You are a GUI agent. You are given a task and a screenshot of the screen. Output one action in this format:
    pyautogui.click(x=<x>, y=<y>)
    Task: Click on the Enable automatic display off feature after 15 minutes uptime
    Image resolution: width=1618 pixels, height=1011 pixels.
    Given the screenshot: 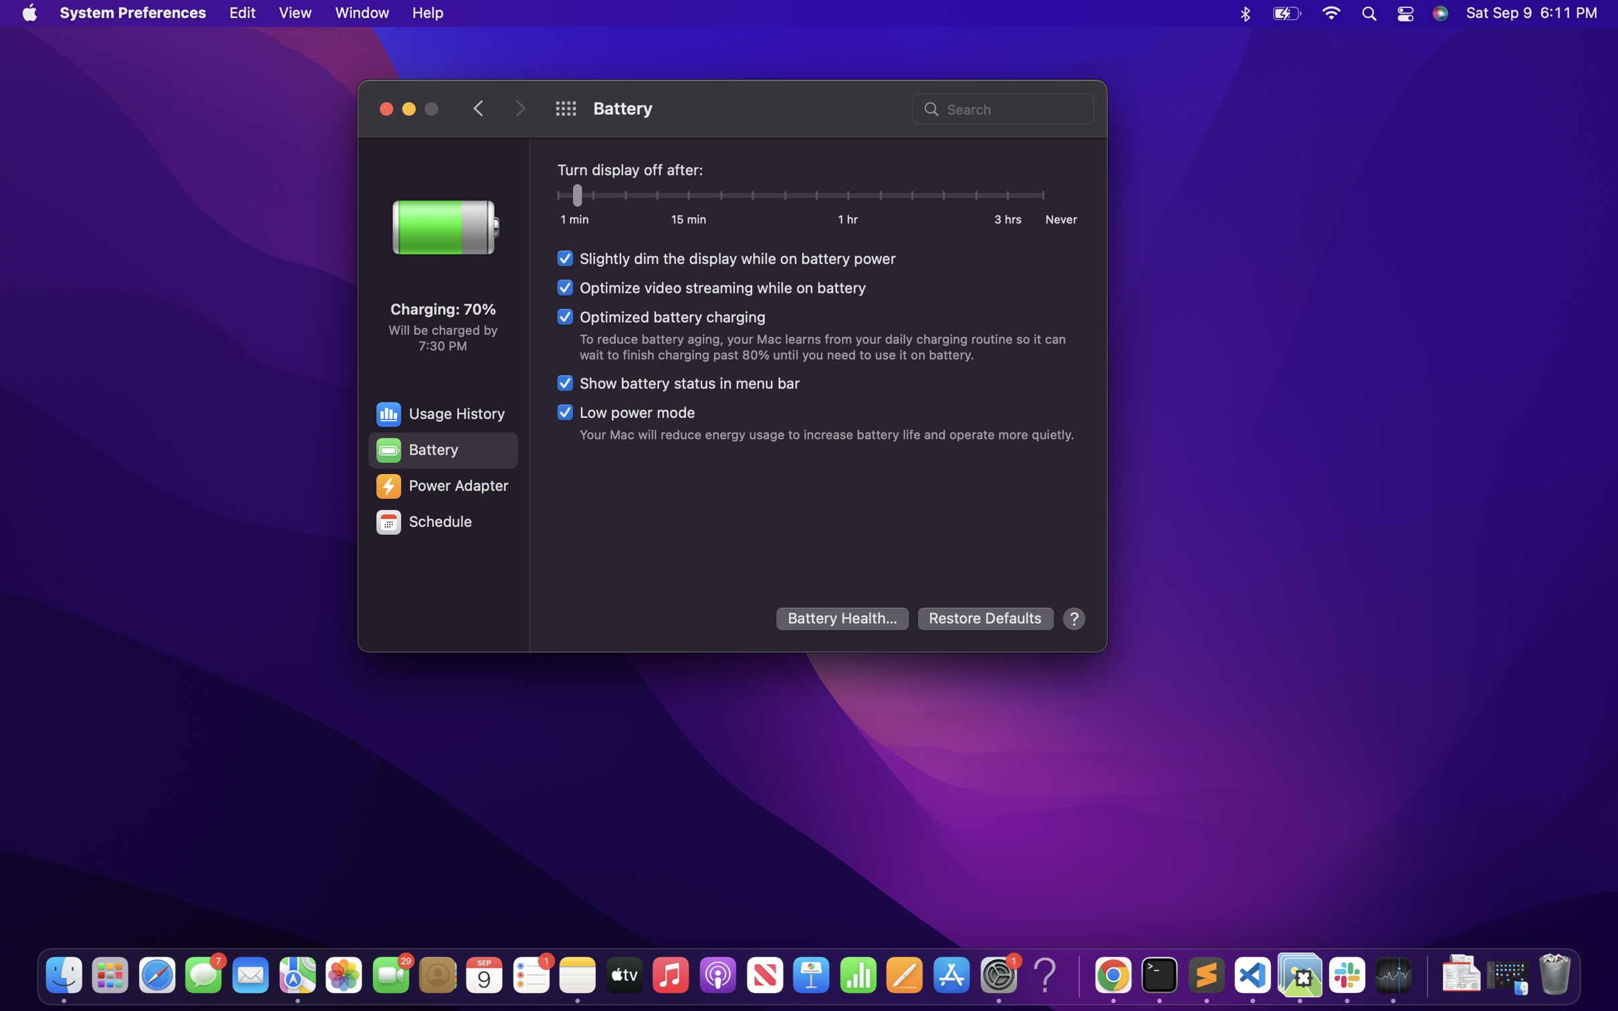 What is the action you would take?
    pyautogui.click(x=689, y=197)
    